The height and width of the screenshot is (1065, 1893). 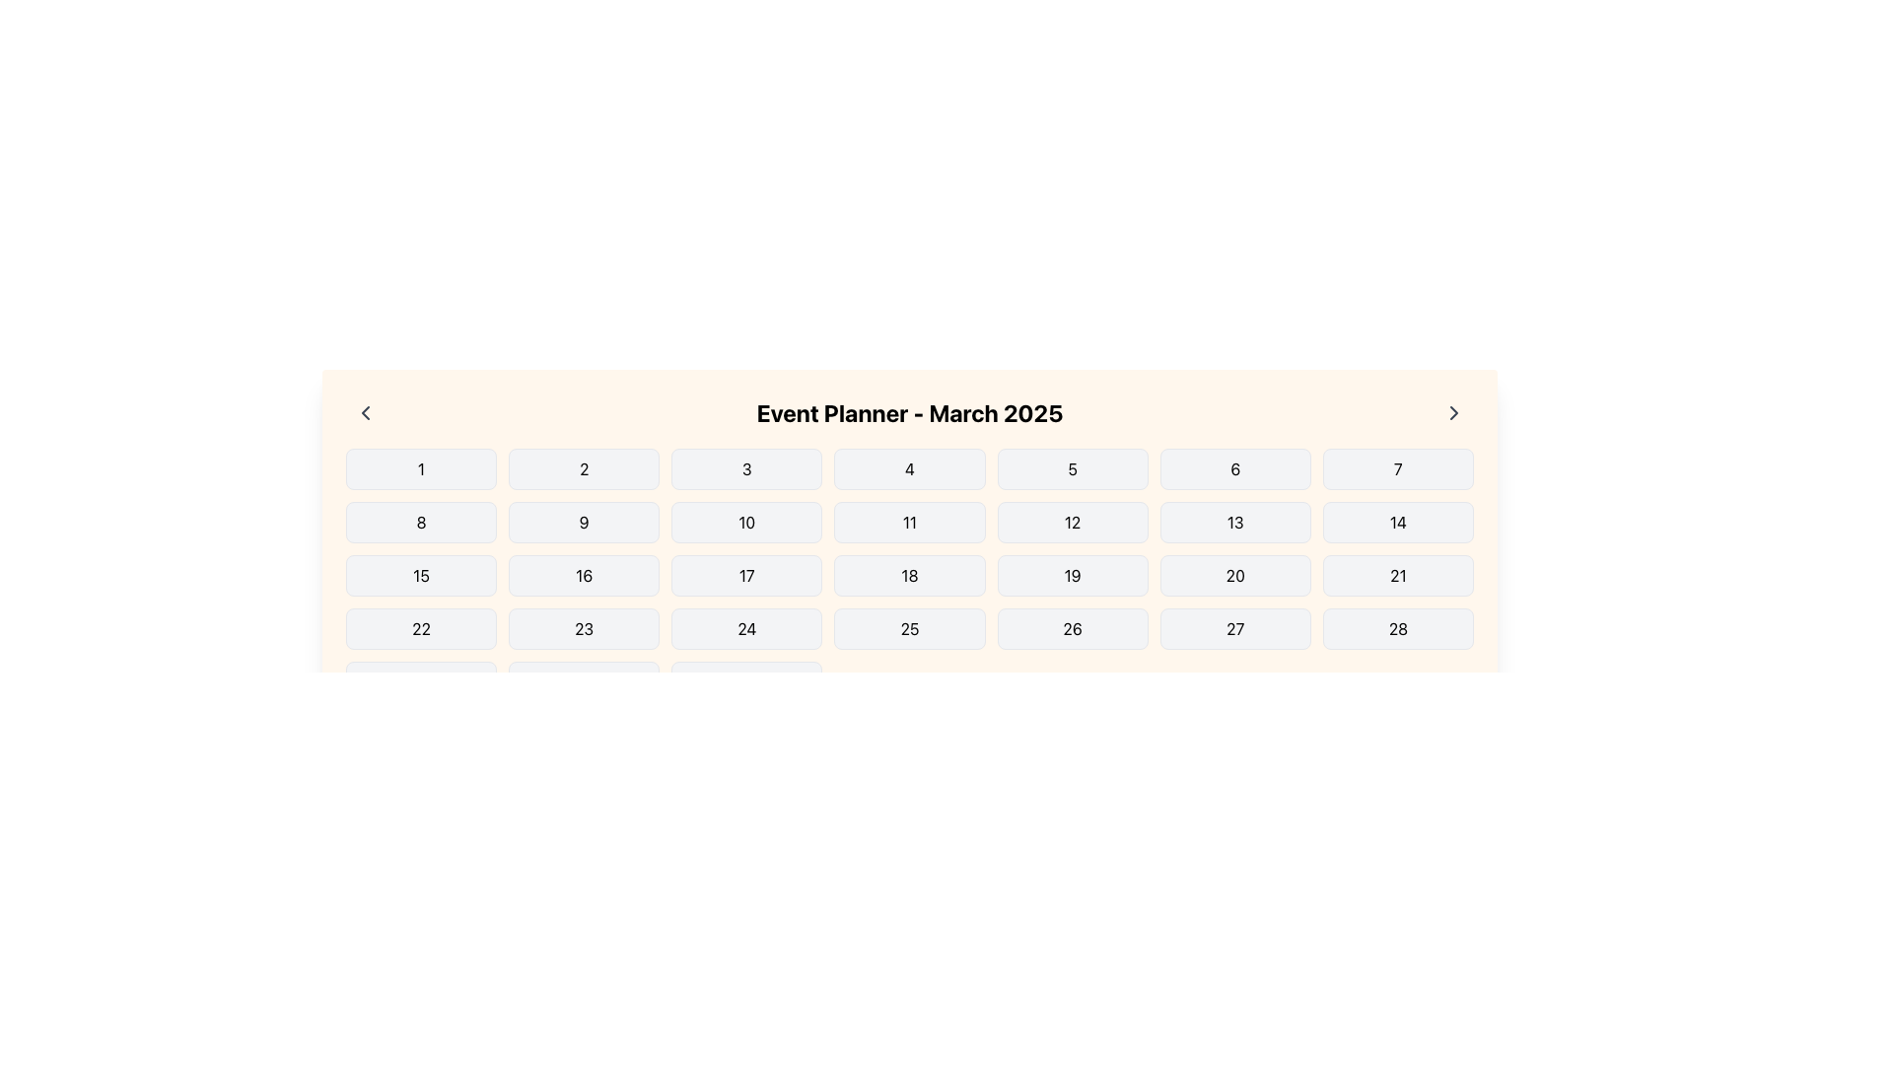 What do you see at coordinates (1397, 628) in the screenshot?
I see `the button representing the 28th day of the month in the calendar grid layout, located in the last row and last column` at bounding box center [1397, 628].